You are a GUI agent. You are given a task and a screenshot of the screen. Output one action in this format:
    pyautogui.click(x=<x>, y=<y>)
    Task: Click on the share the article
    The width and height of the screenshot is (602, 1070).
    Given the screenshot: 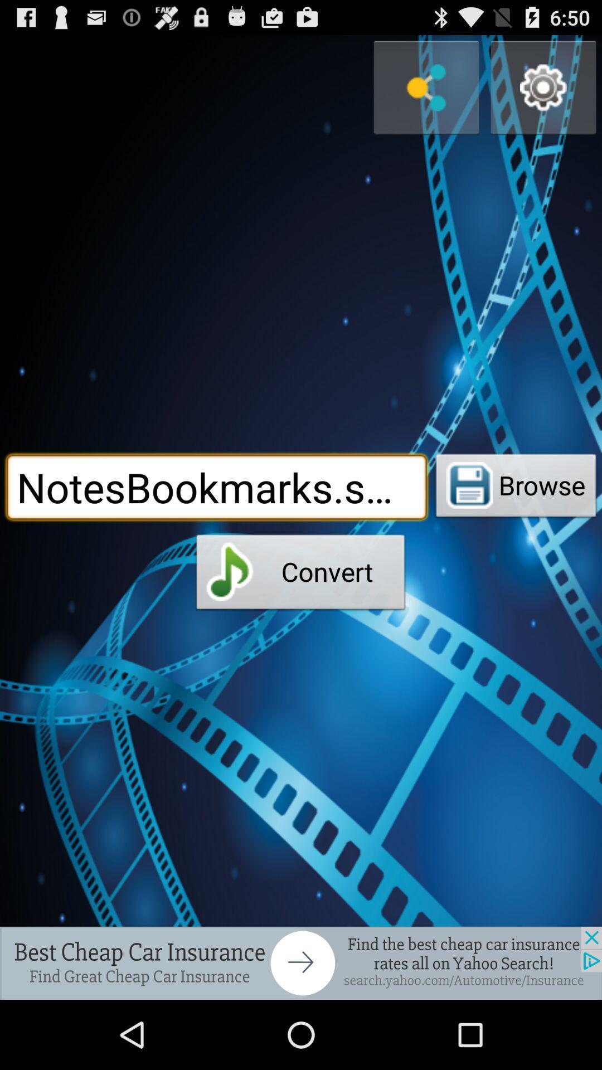 What is the action you would take?
    pyautogui.click(x=301, y=962)
    